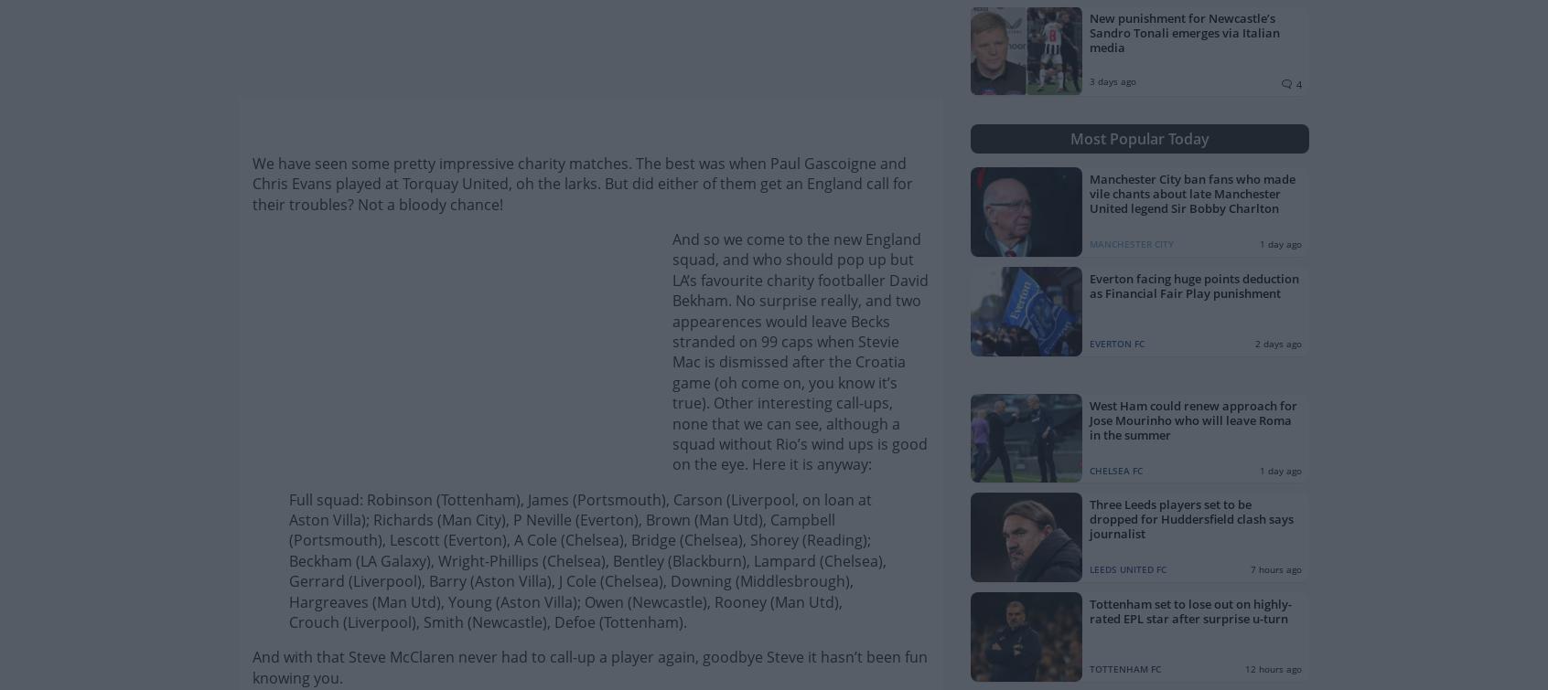 The height and width of the screenshot is (690, 1548). I want to click on 'Manchester City', so click(1088, 244).